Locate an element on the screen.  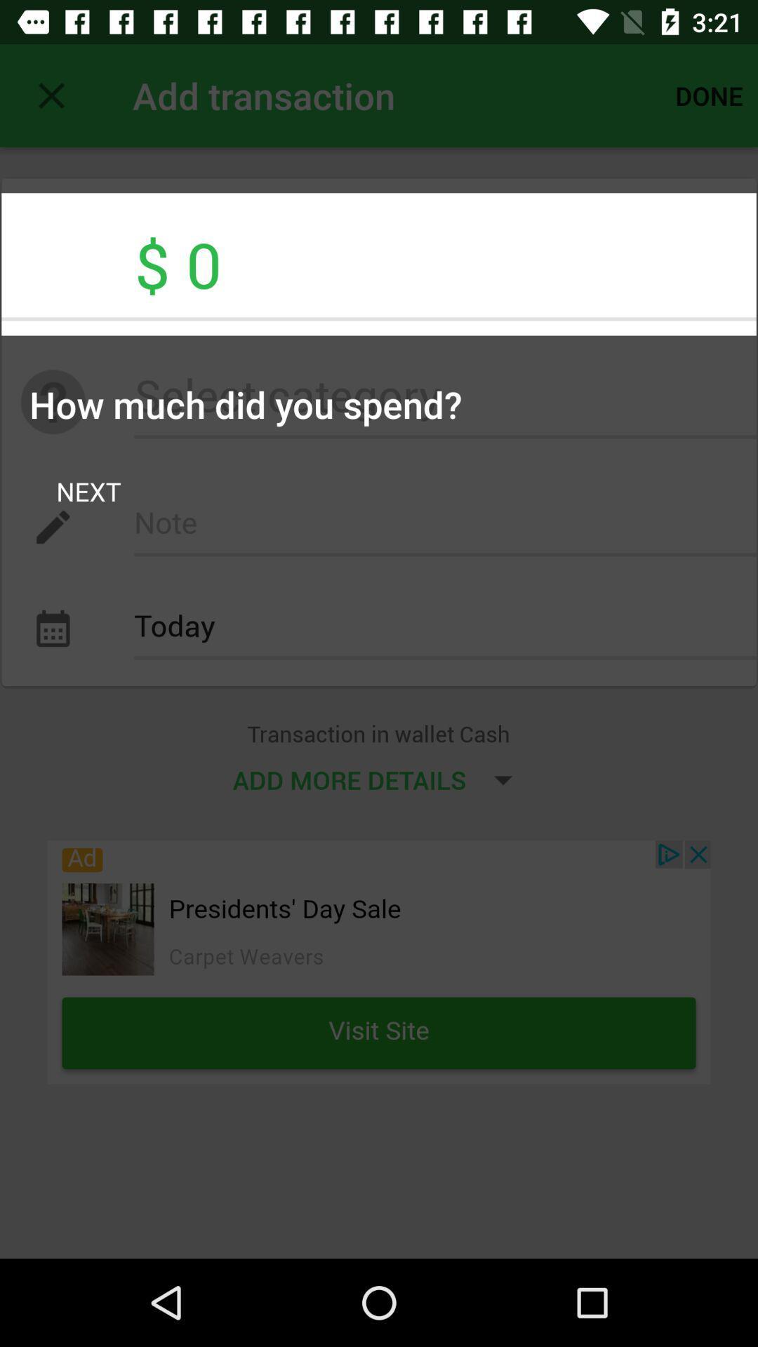
done item is located at coordinates (709, 95).